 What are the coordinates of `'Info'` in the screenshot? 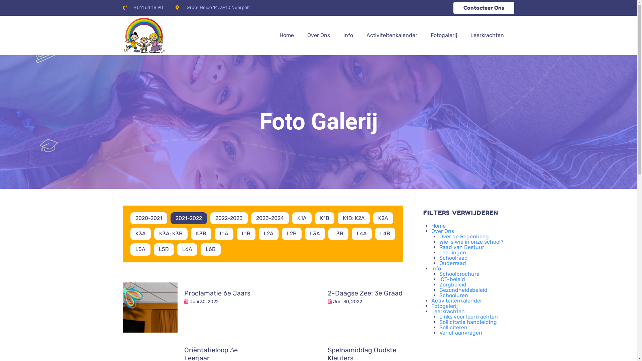 It's located at (348, 35).